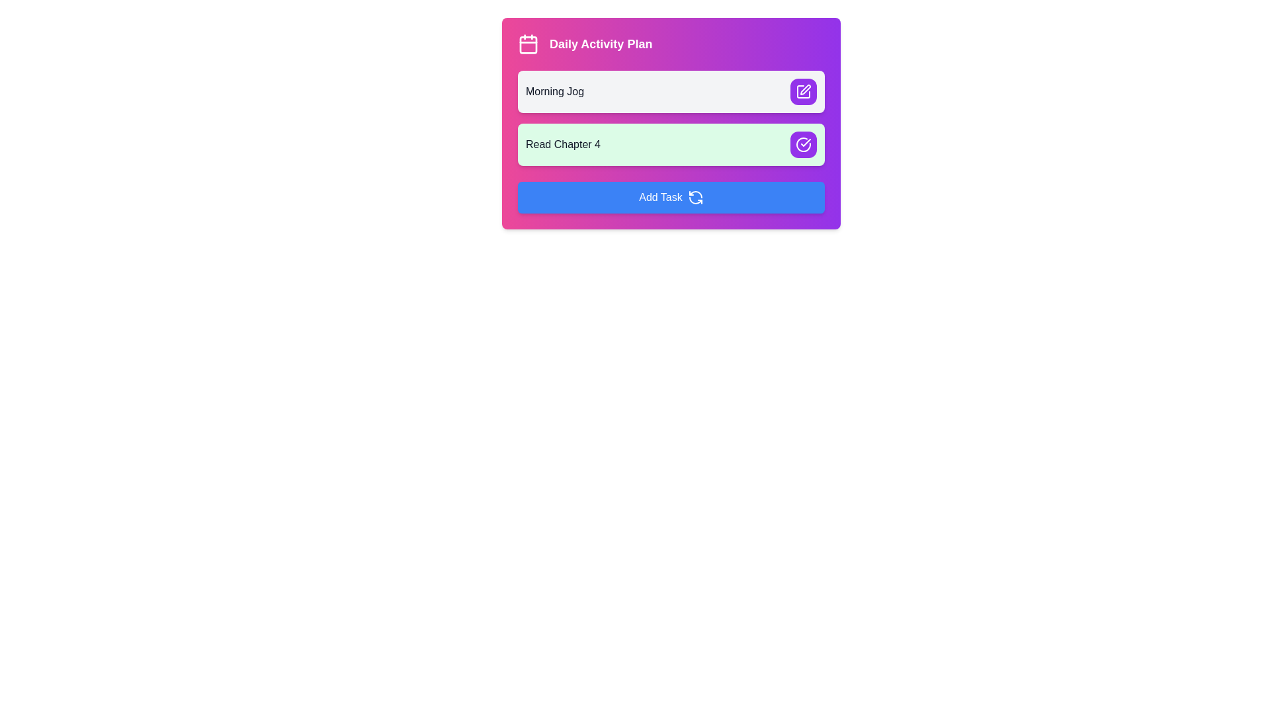 The height and width of the screenshot is (714, 1270). I want to click on the checkmark icon indicating the completion of the task 'Read Chapter 4', so click(802, 145).